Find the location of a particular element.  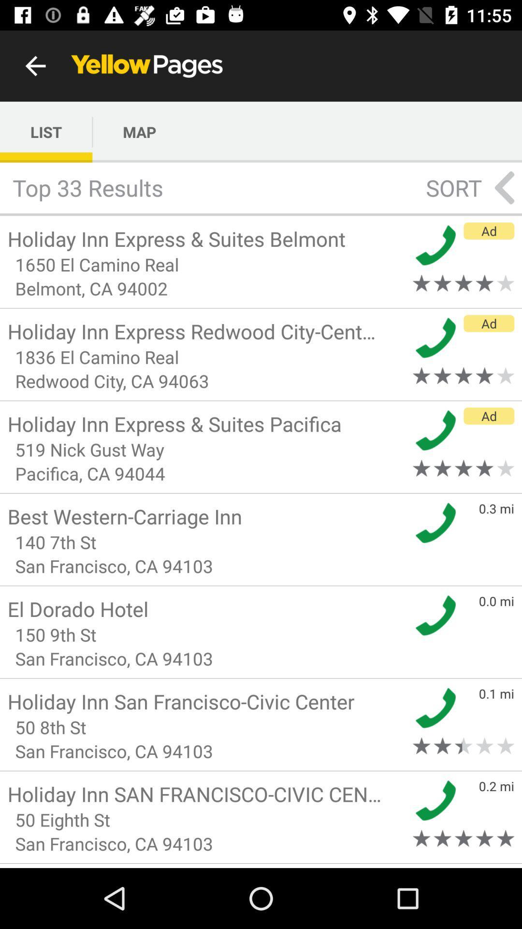

map icon is located at coordinates (139, 132).